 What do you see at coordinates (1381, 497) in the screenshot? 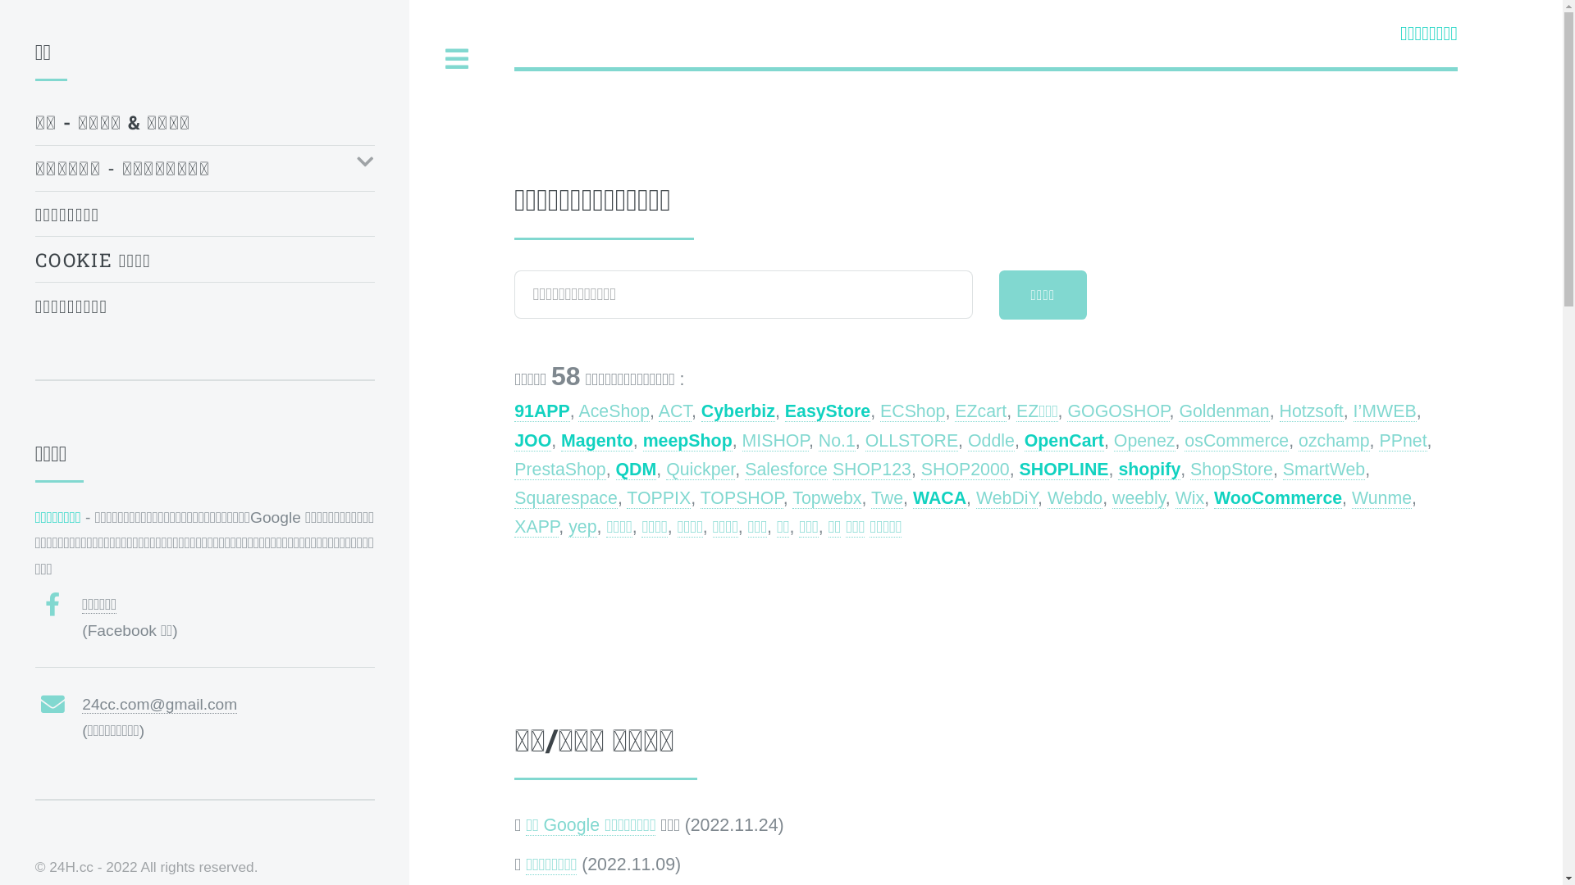
I see `'Wunme'` at bounding box center [1381, 497].